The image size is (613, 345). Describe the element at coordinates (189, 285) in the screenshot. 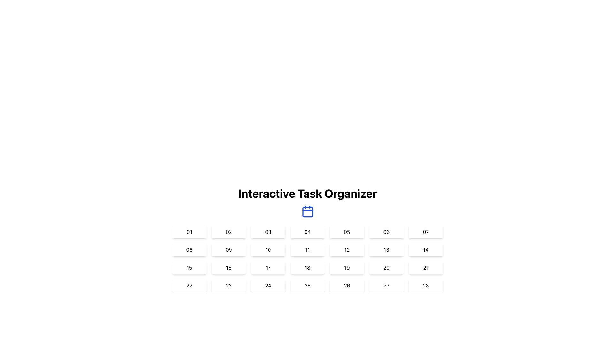

I see `the button displaying '22', which is a rounded box with a light gray background and shadow effect` at that location.